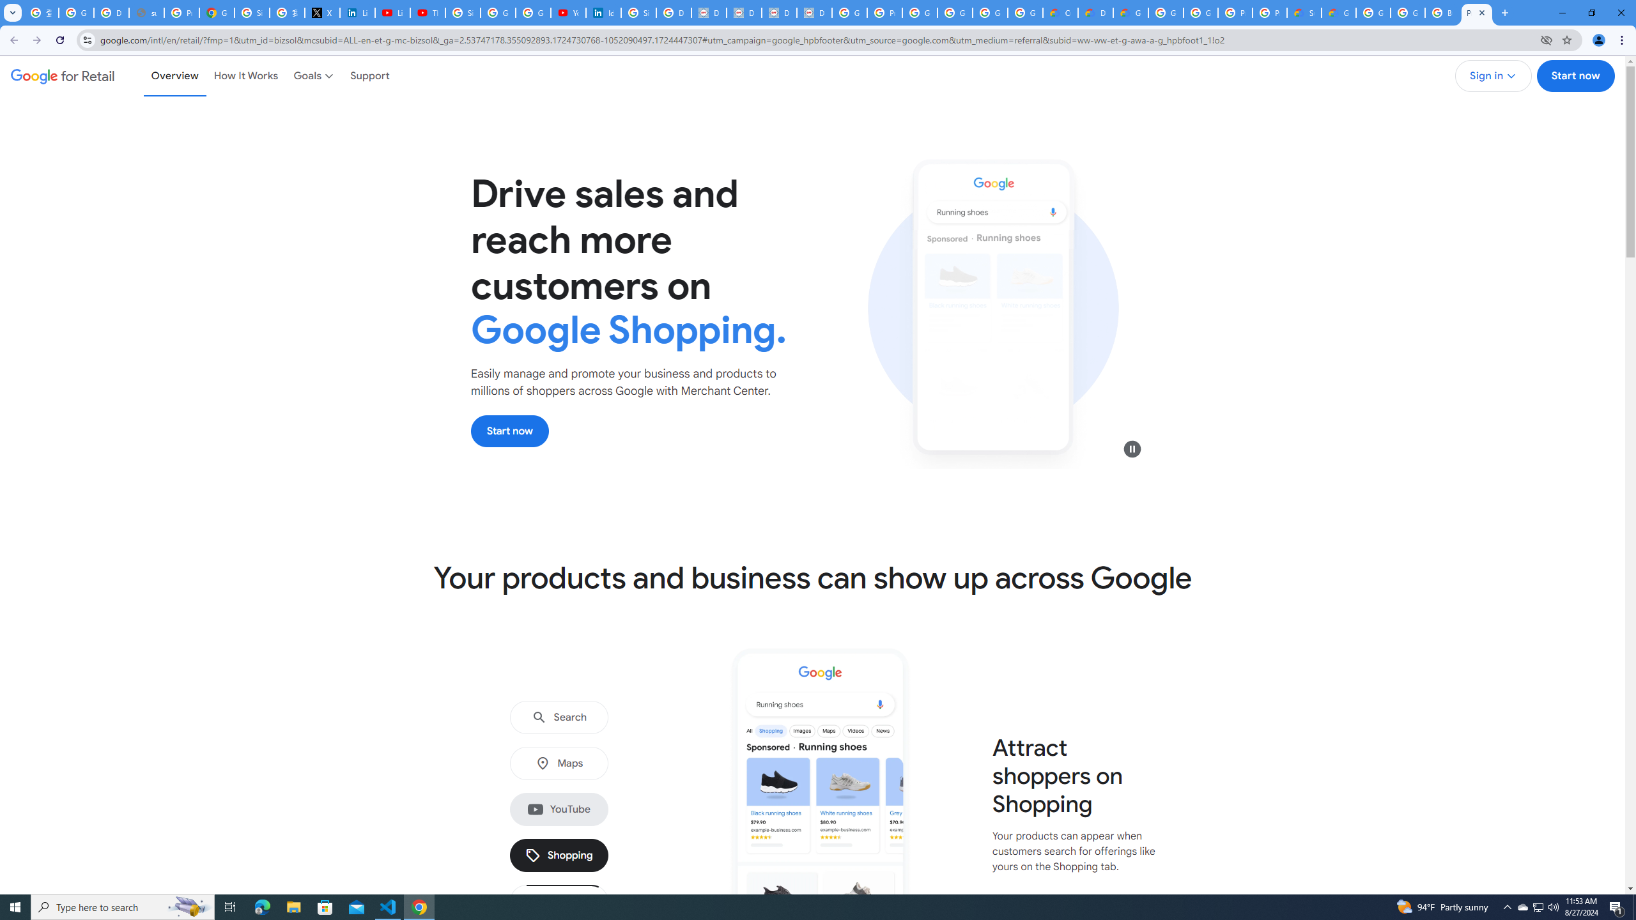  What do you see at coordinates (708, 12) in the screenshot?
I see `'Data Privacy Framework'` at bounding box center [708, 12].